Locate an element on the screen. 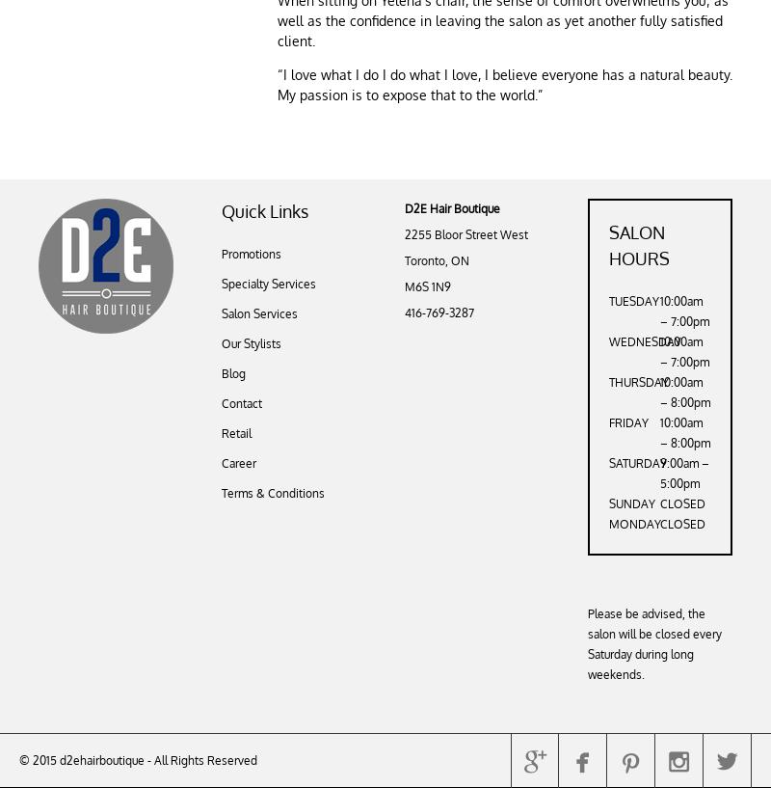 This screenshot has height=788, width=771. 'M6S 1N9' is located at coordinates (427, 286).